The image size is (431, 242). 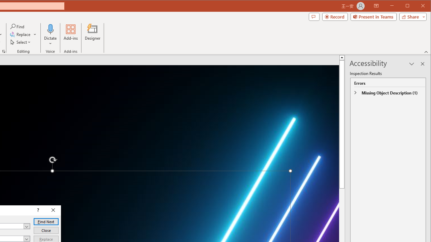 I want to click on 'Maximize', so click(x=417, y=6).